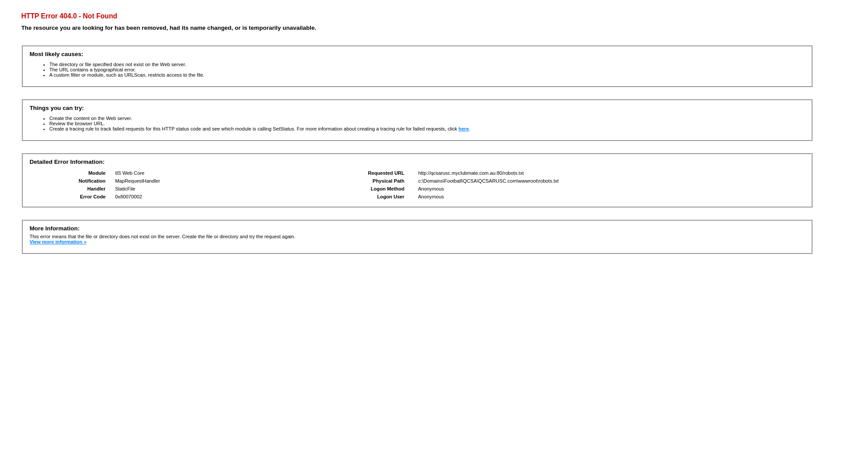 The image size is (842, 473). I want to click on 'here', so click(463, 128).